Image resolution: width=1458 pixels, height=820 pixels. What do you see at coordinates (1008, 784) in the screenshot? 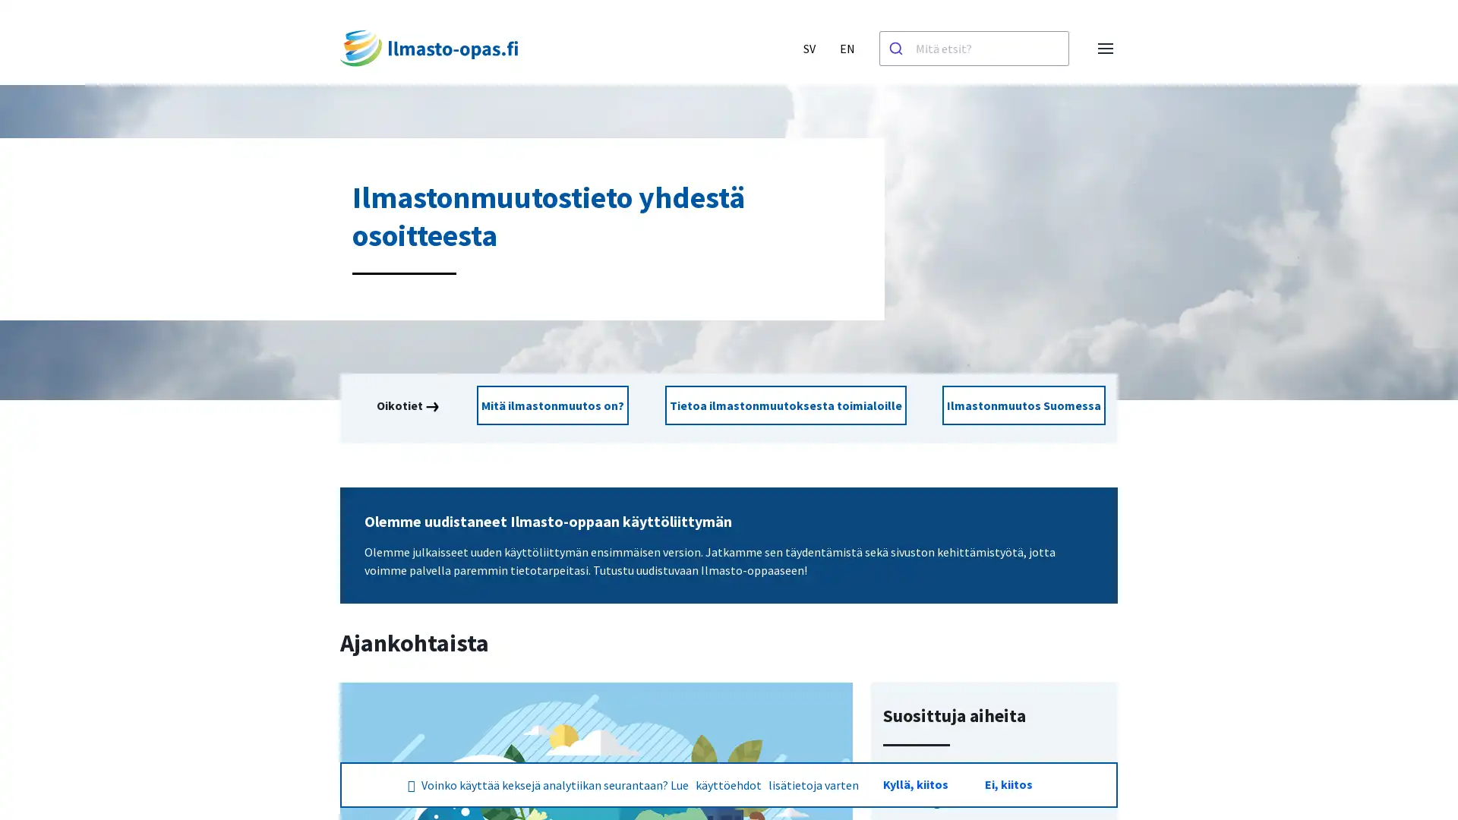
I see `Ei, kiitos` at bounding box center [1008, 784].